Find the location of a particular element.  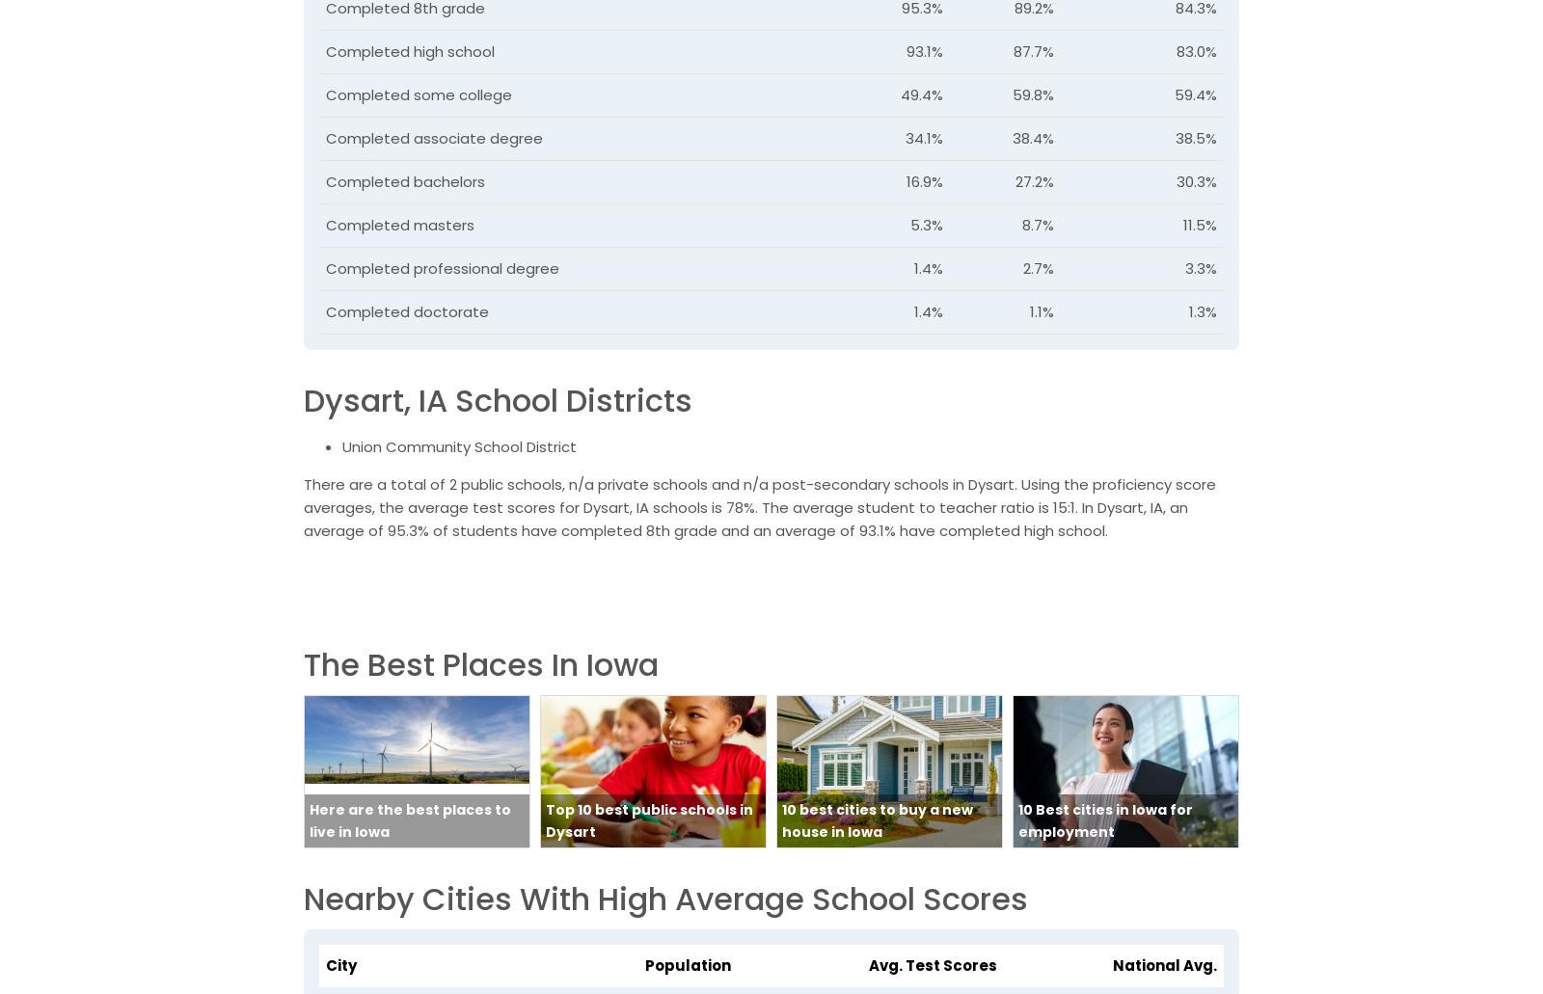

'Top 10 best public schools in Dysart' is located at coordinates (545, 819).